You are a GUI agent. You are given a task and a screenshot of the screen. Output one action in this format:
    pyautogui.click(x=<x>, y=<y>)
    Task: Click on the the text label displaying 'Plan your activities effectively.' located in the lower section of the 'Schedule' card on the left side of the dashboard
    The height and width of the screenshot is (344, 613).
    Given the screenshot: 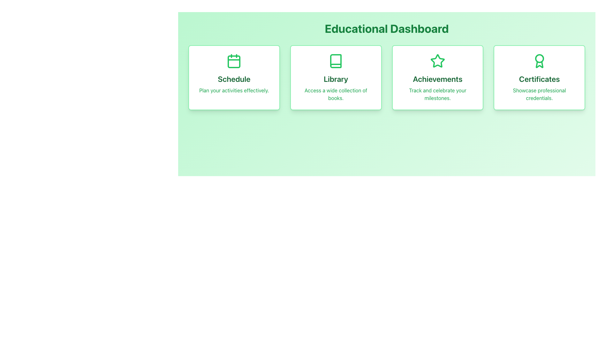 What is the action you would take?
    pyautogui.click(x=234, y=90)
    